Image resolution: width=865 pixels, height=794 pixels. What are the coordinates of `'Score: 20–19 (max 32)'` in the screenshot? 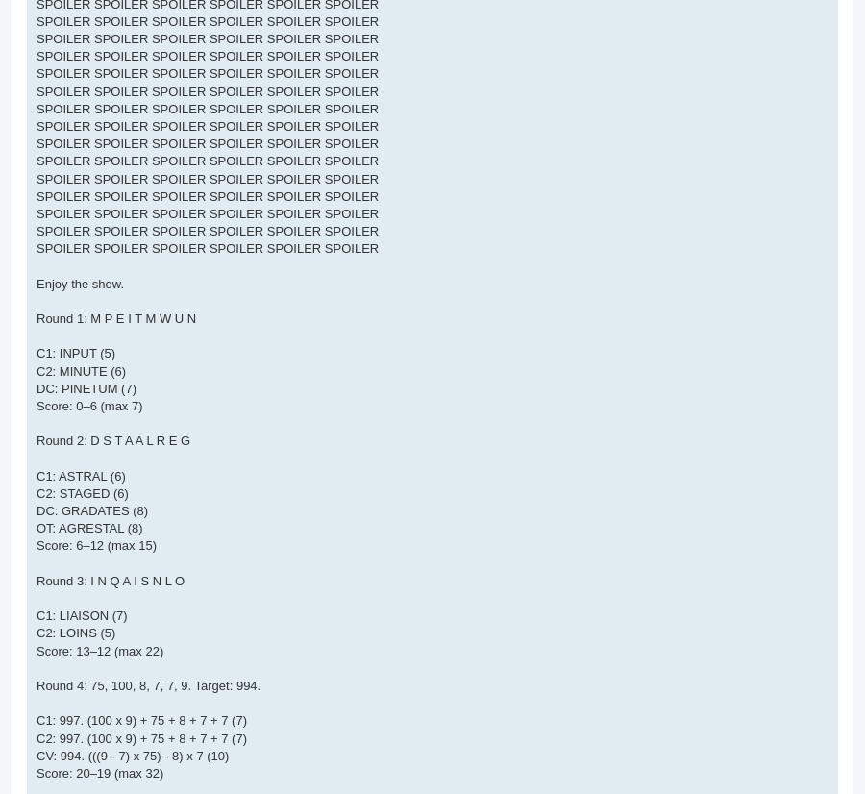 It's located at (99, 771).